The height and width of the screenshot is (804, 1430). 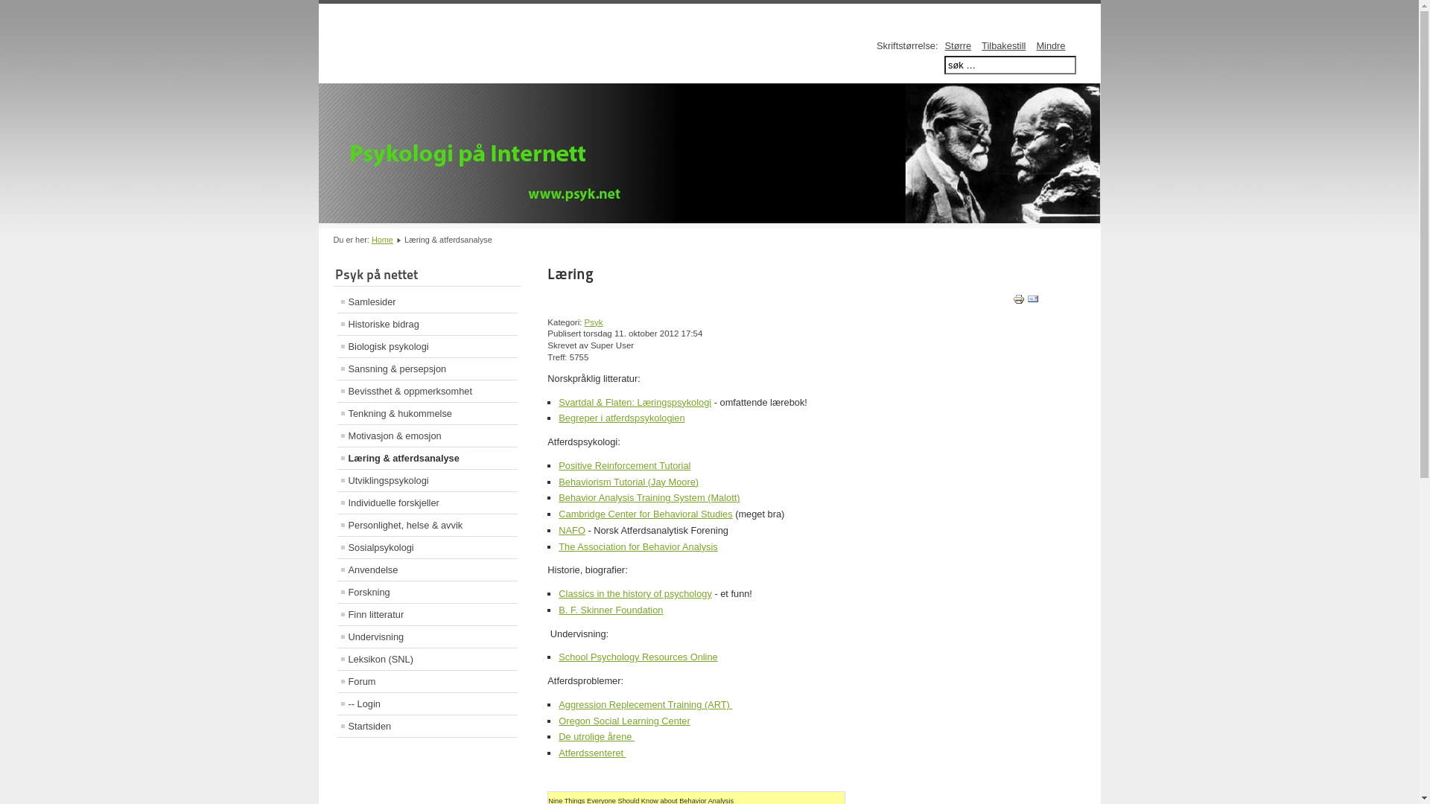 I want to click on 'Sansning & persepsjon', so click(x=426, y=368).